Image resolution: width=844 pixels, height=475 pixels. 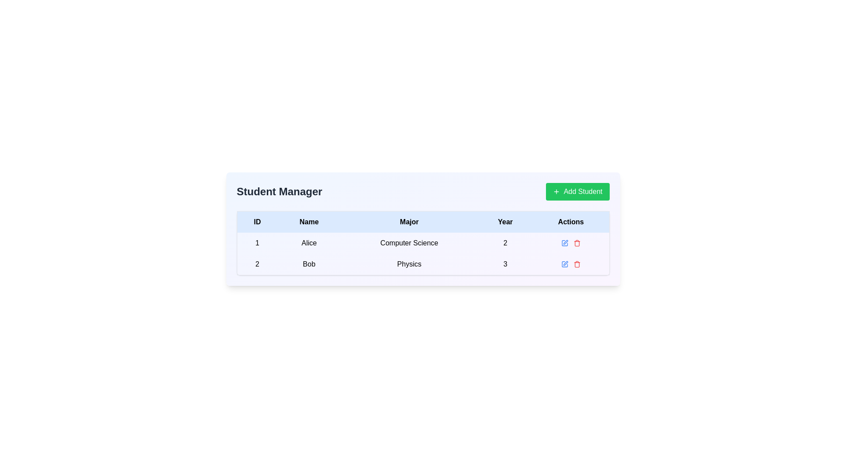 I want to click on the table header cell labeled 'ID', which is styled with bold and centered text on a blue background, located at the first position in the header row of the table, so click(x=257, y=221).